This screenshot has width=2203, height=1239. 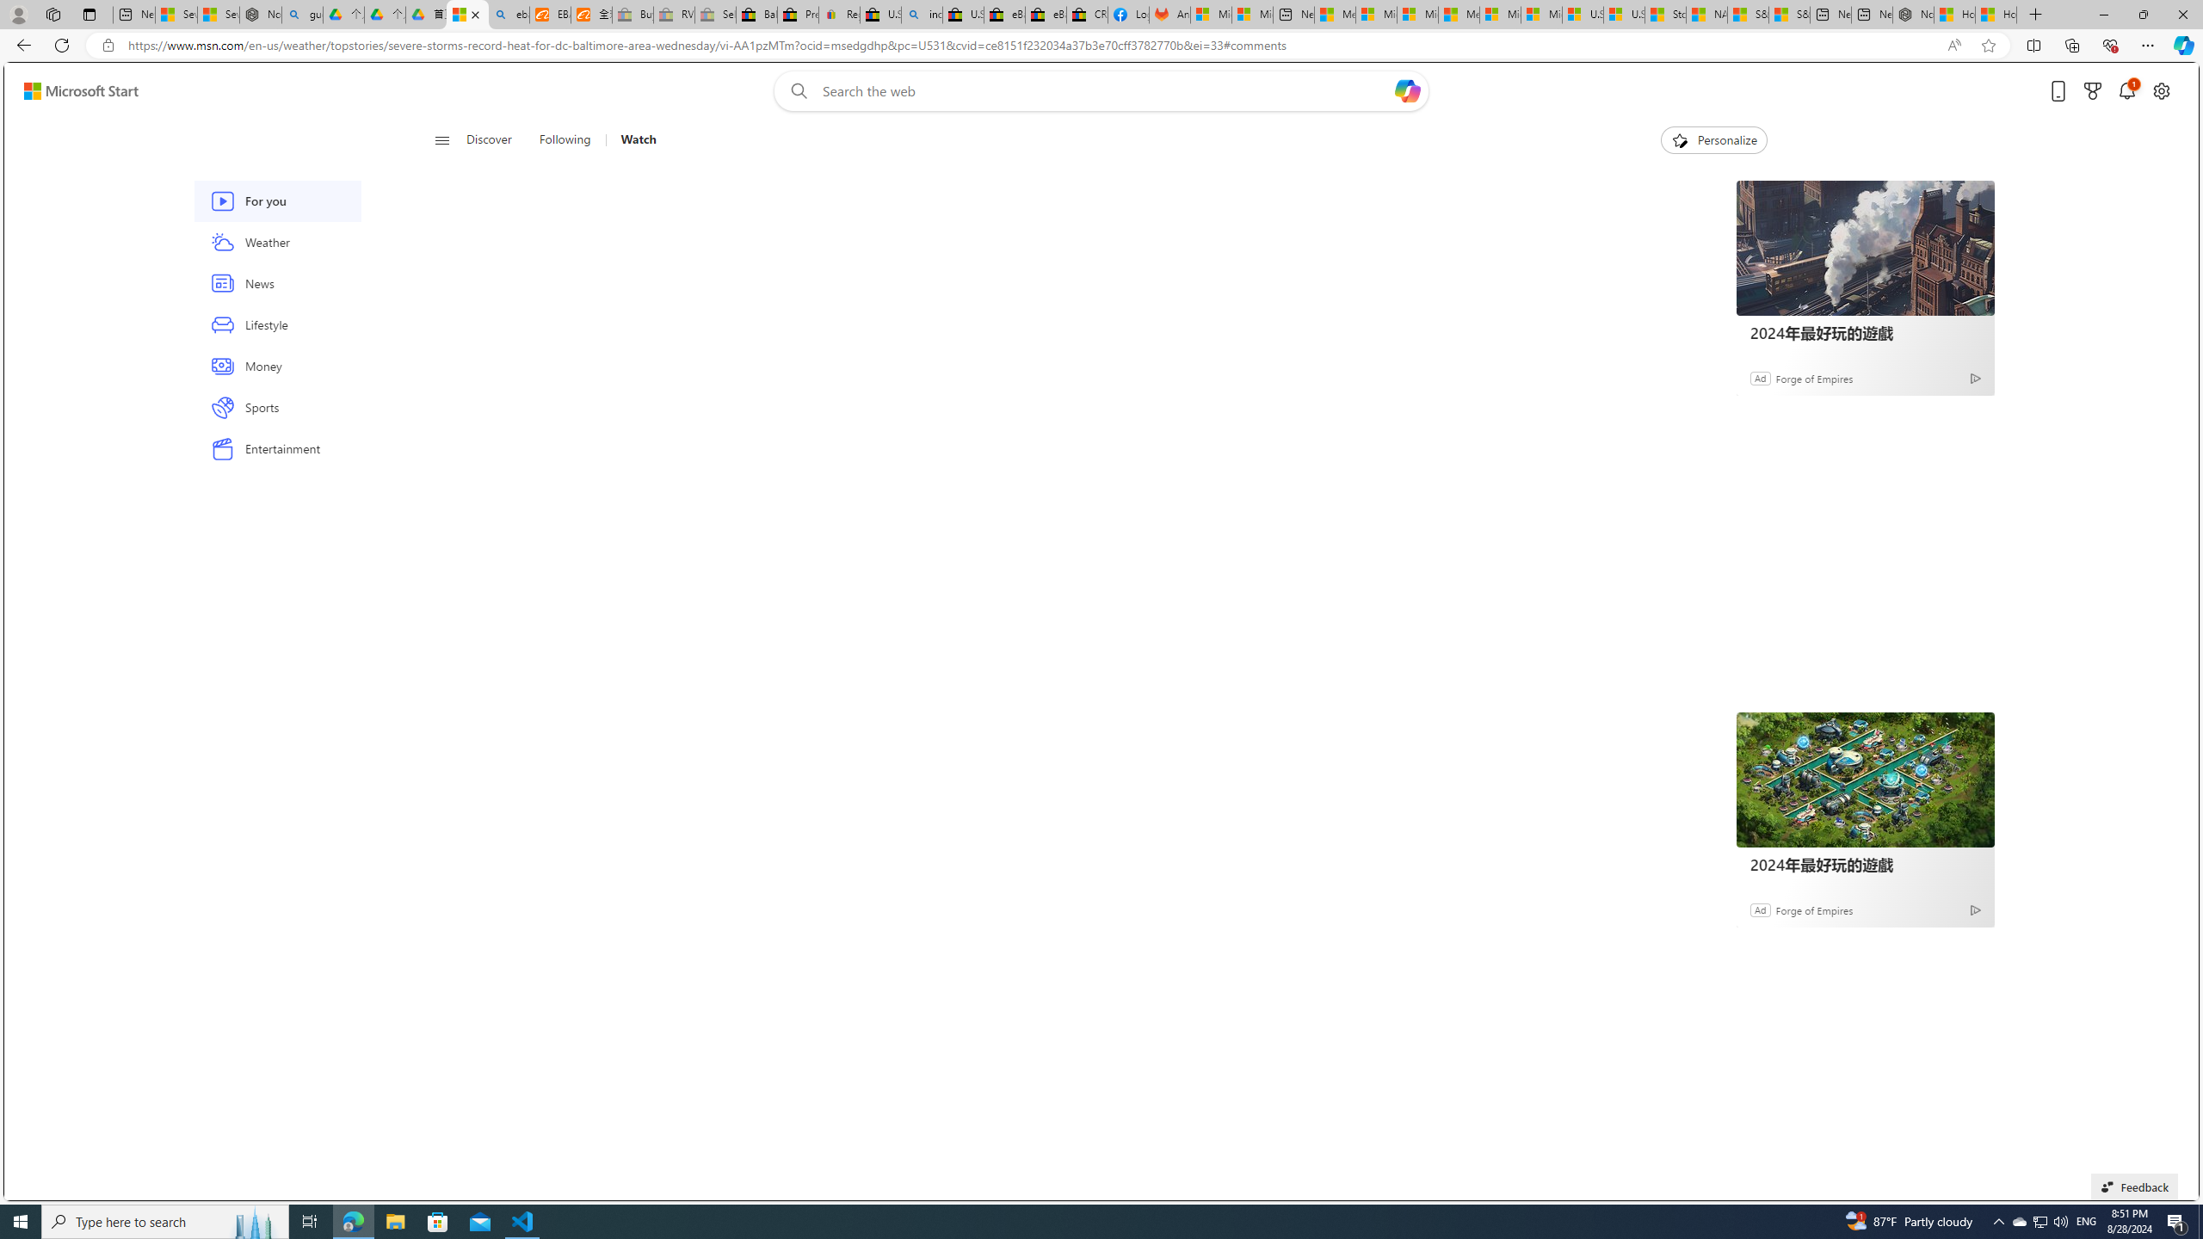 I want to click on 'Sell worldwide with eBay - Sleeping', so click(x=715, y=14).